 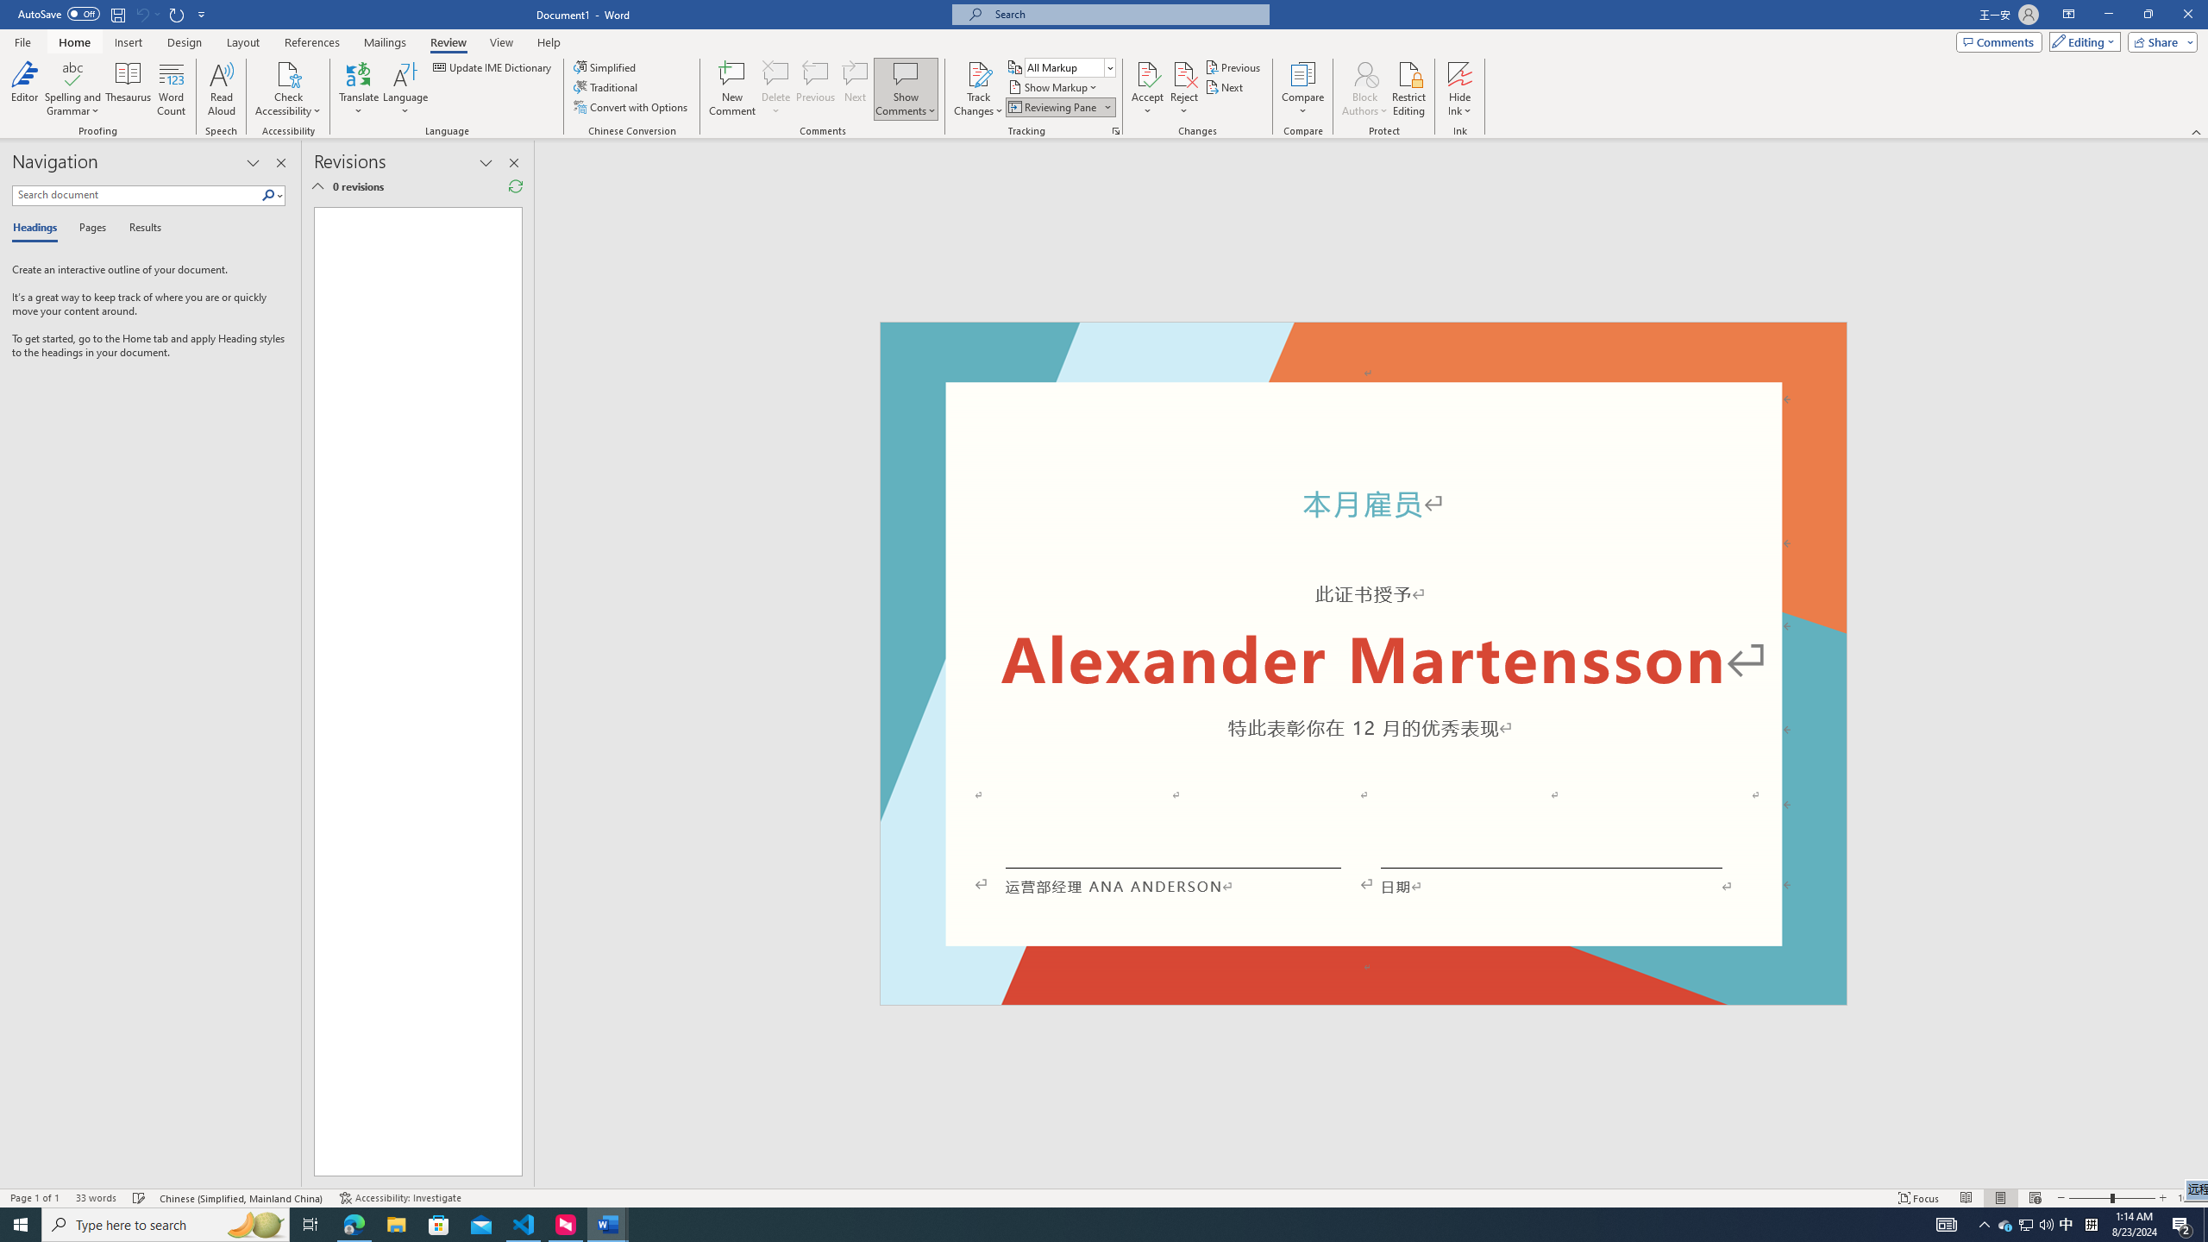 I want to click on 'Headings', so click(x=38, y=228).